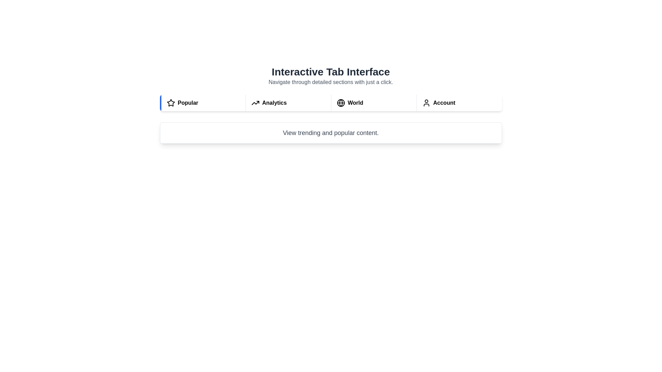  What do you see at coordinates (459, 103) in the screenshot?
I see `the Account tab` at bounding box center [459, 103].